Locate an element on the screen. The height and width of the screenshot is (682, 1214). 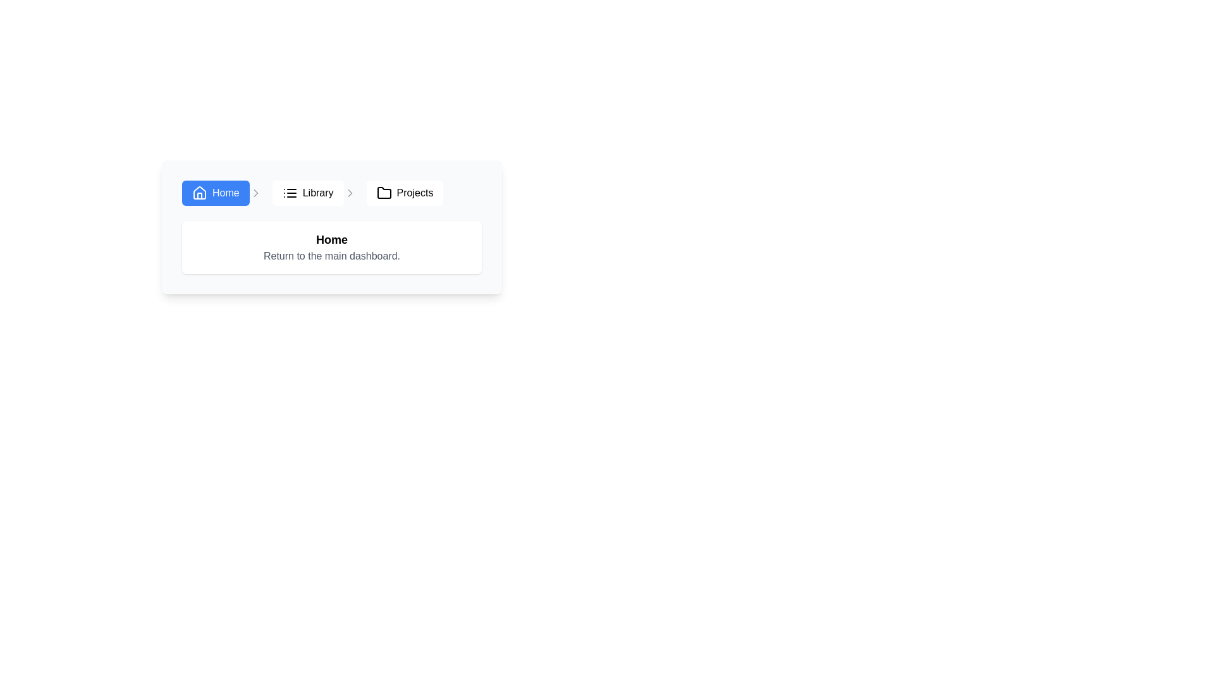
the blue rounded rectangular button labeled 'Home' is located at coordinates (222, 193).